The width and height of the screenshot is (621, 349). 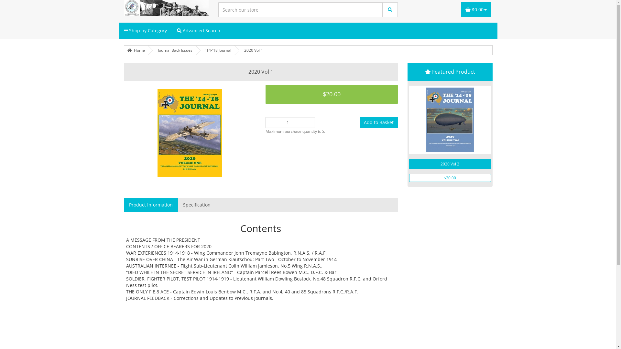 What do you see at coordinates (172, 31) in the screenshot?
I see `'Advanced Search'` at bounding box center [172, 31].